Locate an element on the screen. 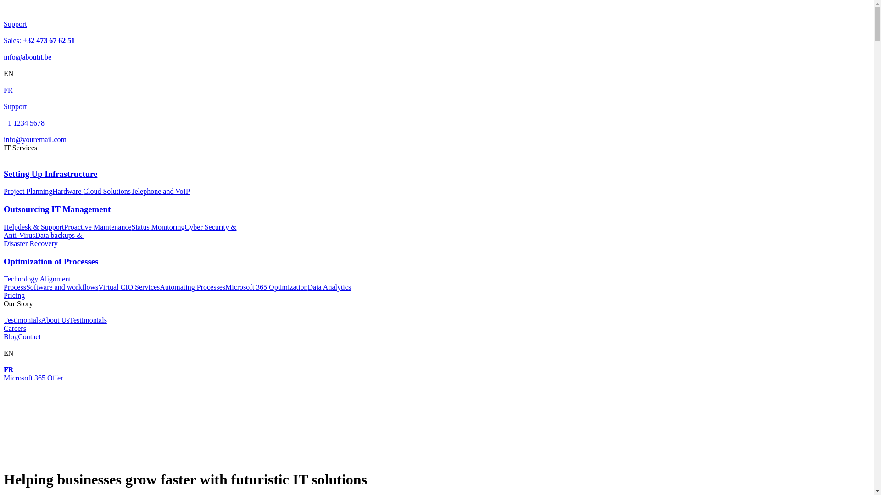 This screenshot has width=881, height=495. 'Blog' is located at coordinates (11, 336).